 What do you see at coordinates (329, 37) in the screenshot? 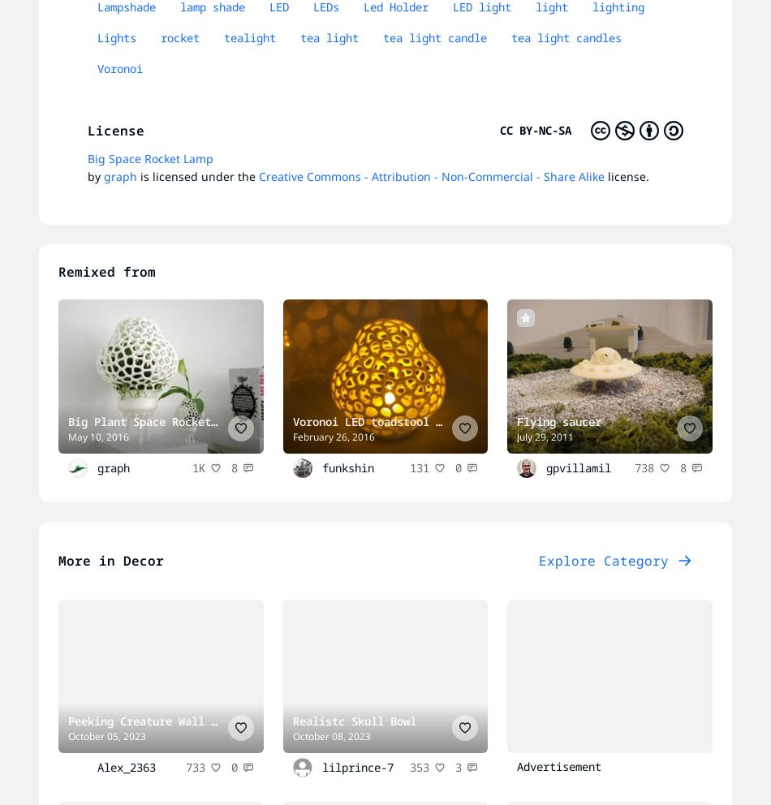
I see `'tea light'` at bounding box center [329, 37].